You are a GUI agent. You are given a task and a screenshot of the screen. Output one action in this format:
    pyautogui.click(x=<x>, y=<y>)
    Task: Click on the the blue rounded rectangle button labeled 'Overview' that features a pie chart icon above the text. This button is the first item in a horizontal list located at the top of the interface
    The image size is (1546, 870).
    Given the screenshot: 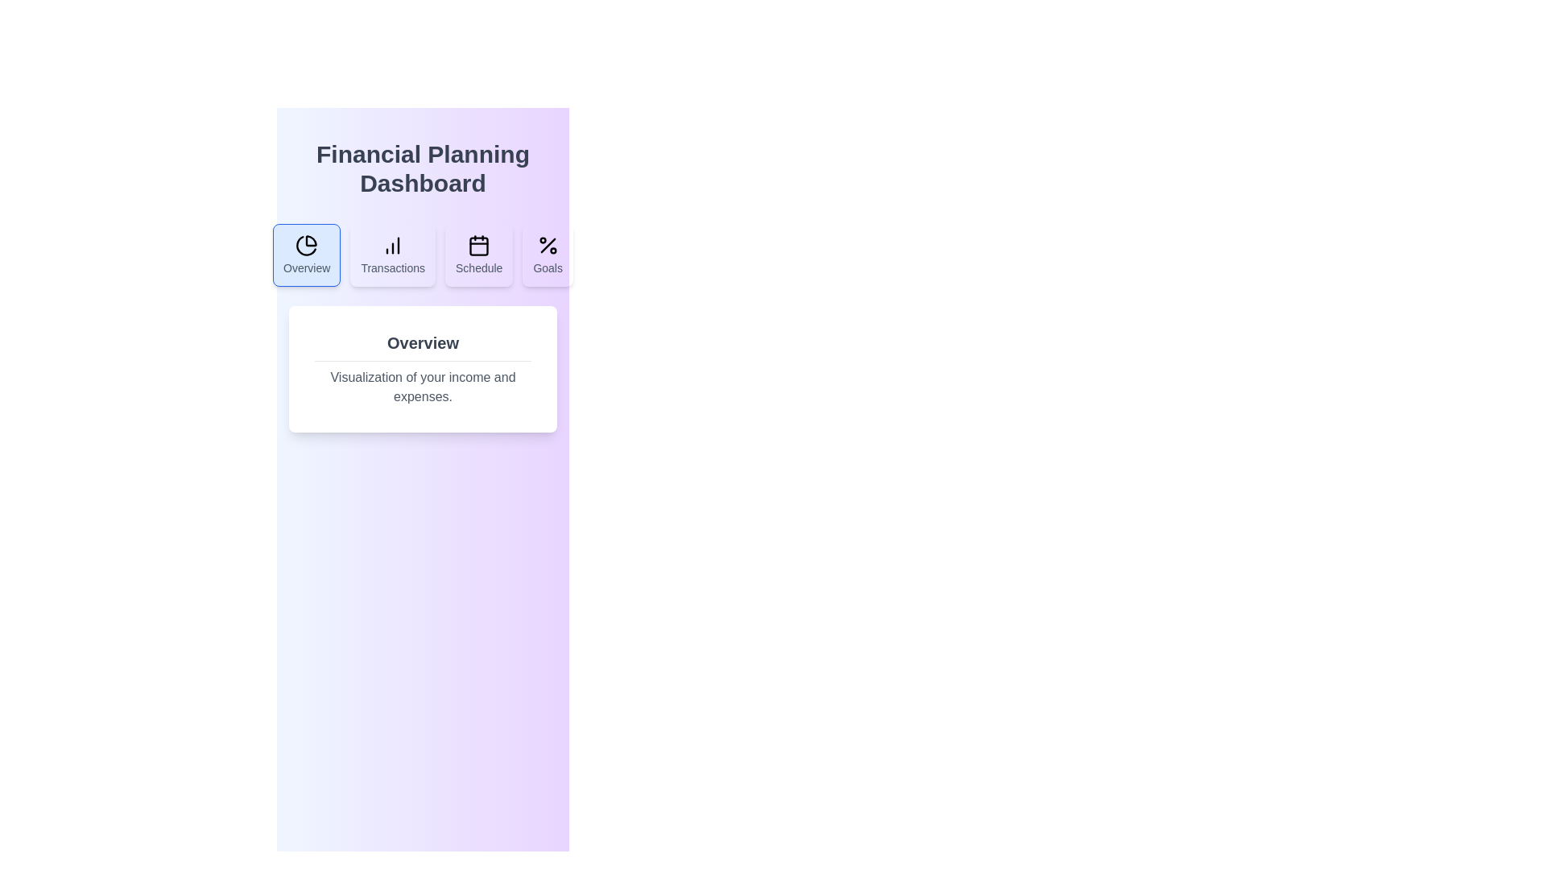 What is the action you would take?
    pyautogui.click(x=307, y=254)
    